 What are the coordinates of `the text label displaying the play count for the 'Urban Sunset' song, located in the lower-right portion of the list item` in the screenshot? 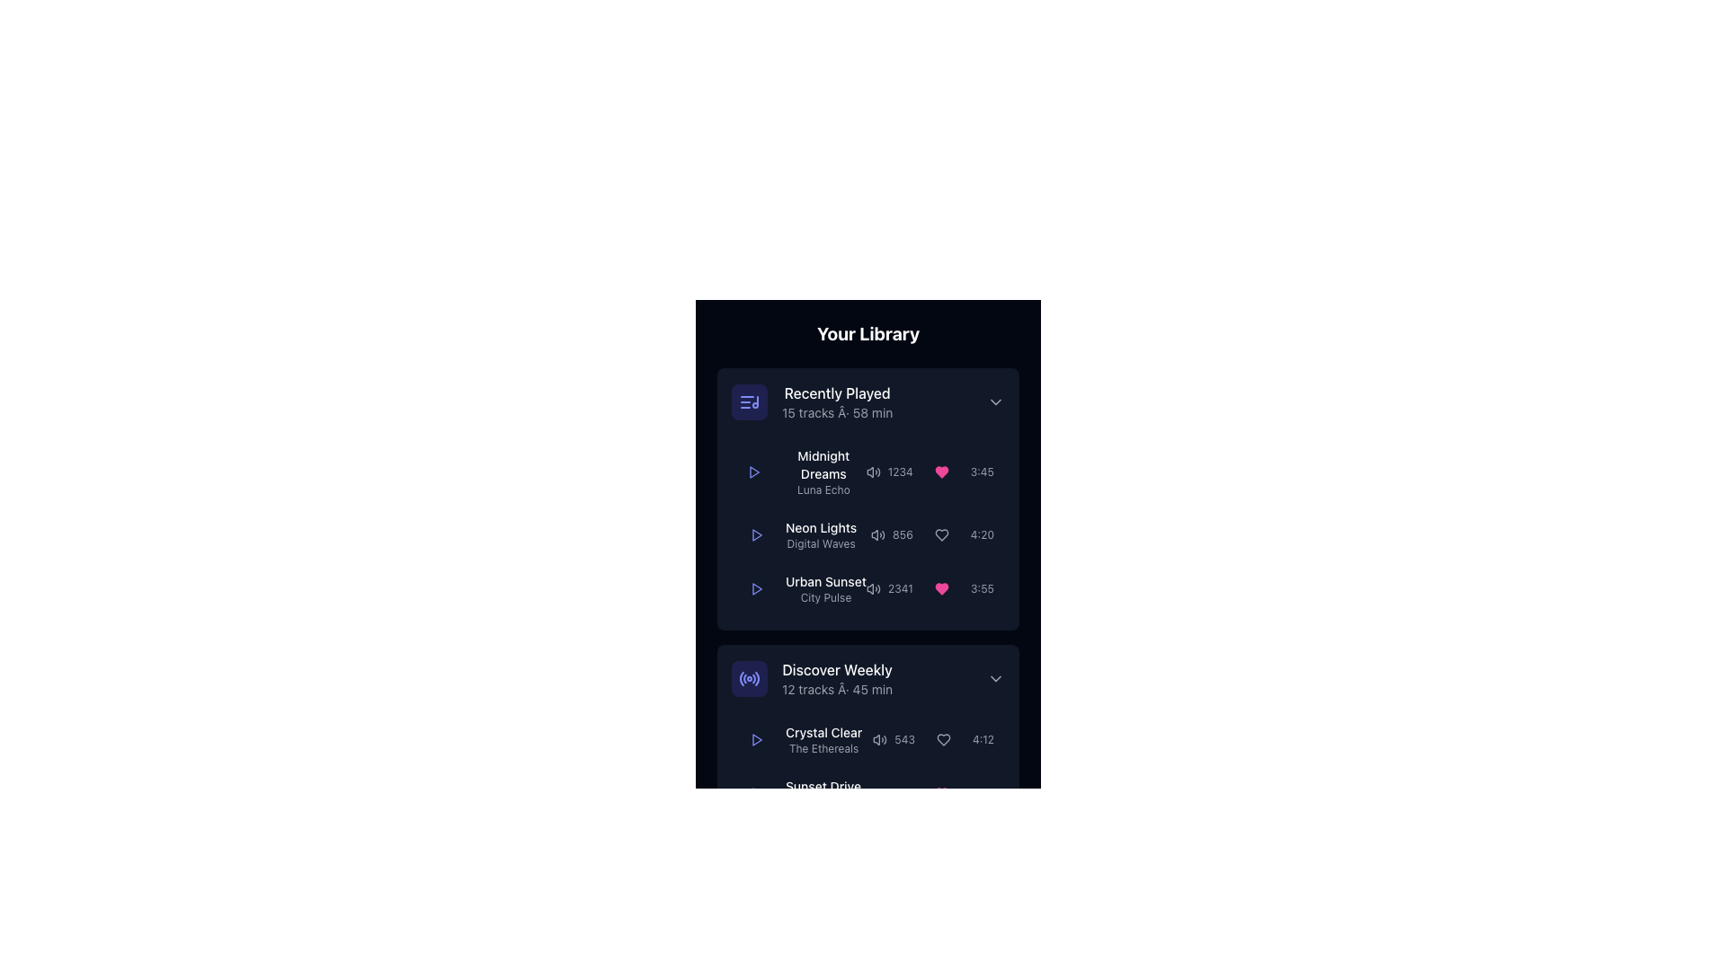 It's located at (900, 588).